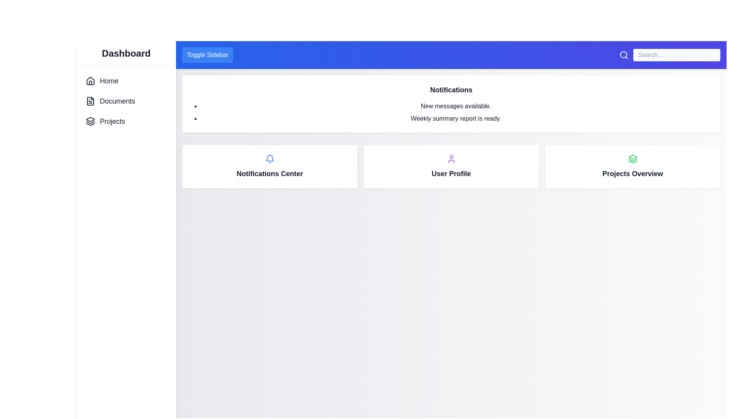 This screenshot has height=419, width=746. What do you see at coordinates (126, 53) in the screenshot?
I see `the 'Dashboard' text label at the top of the sidebar menu, which is displayed in a bold and large font style` at bounding box center [126, 53].